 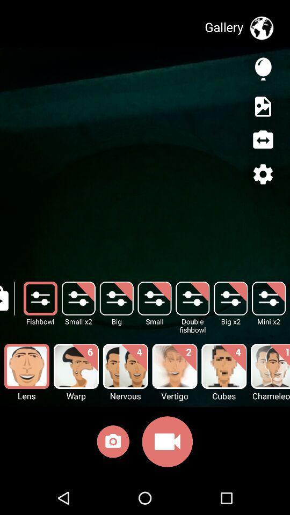 What do you see at coordinates (270, 366) in the screenshot?
I see `icon above chameleon` at bounding box center [270, 366].